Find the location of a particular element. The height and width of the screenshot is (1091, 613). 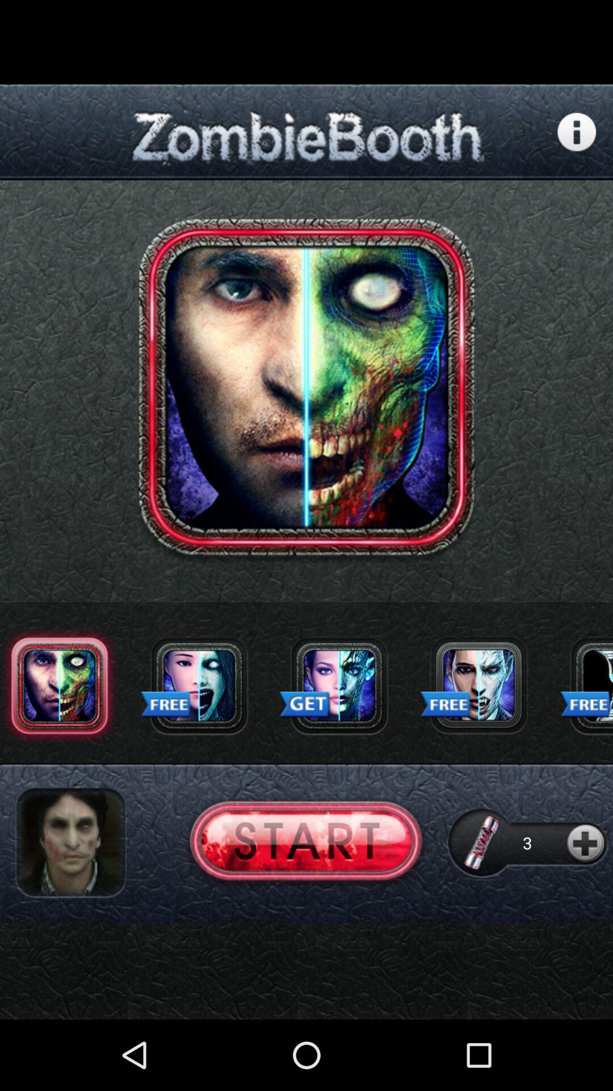

free skin is located at coordinates (586, 685).